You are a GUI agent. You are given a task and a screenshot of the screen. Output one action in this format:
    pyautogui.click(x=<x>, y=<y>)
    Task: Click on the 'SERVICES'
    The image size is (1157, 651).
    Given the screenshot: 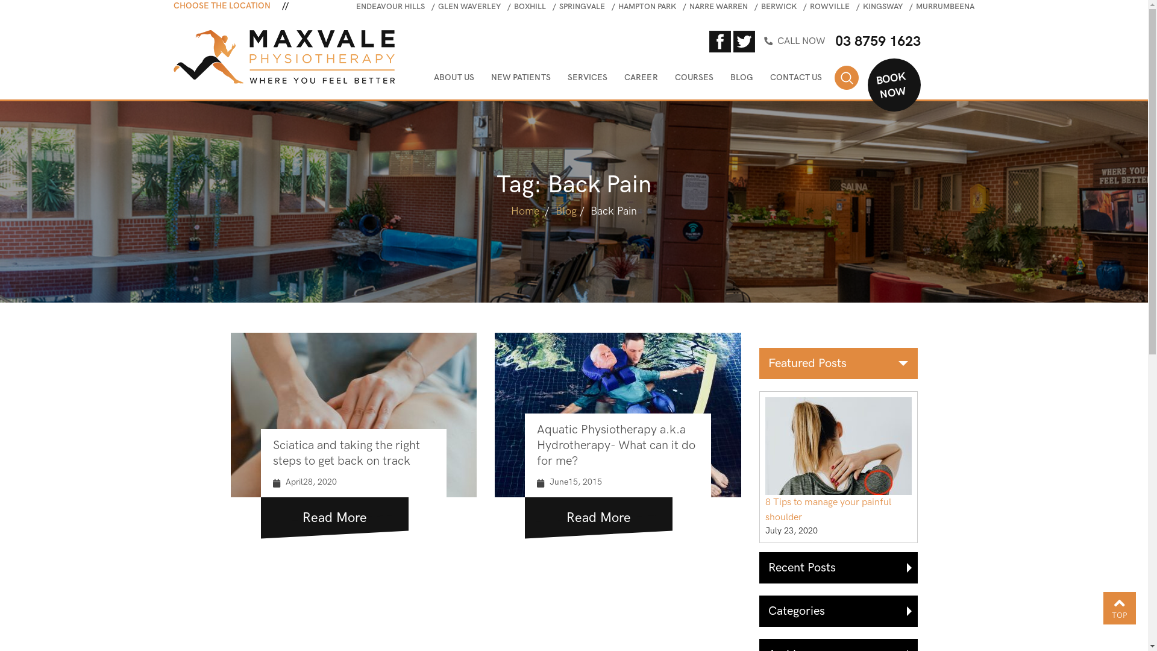 What is the action you would take?
    pyautogui.click(x=588, y=80)
    